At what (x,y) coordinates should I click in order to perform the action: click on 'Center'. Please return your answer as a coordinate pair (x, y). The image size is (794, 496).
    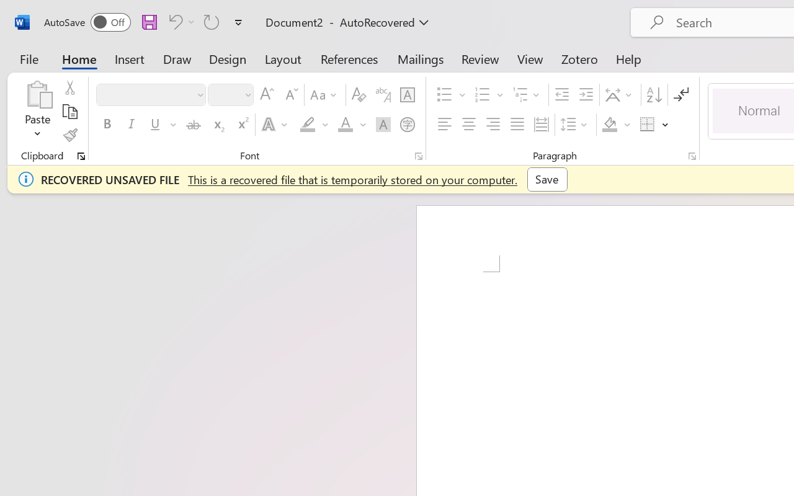
    Looking at the image, I should click on (468, 125).